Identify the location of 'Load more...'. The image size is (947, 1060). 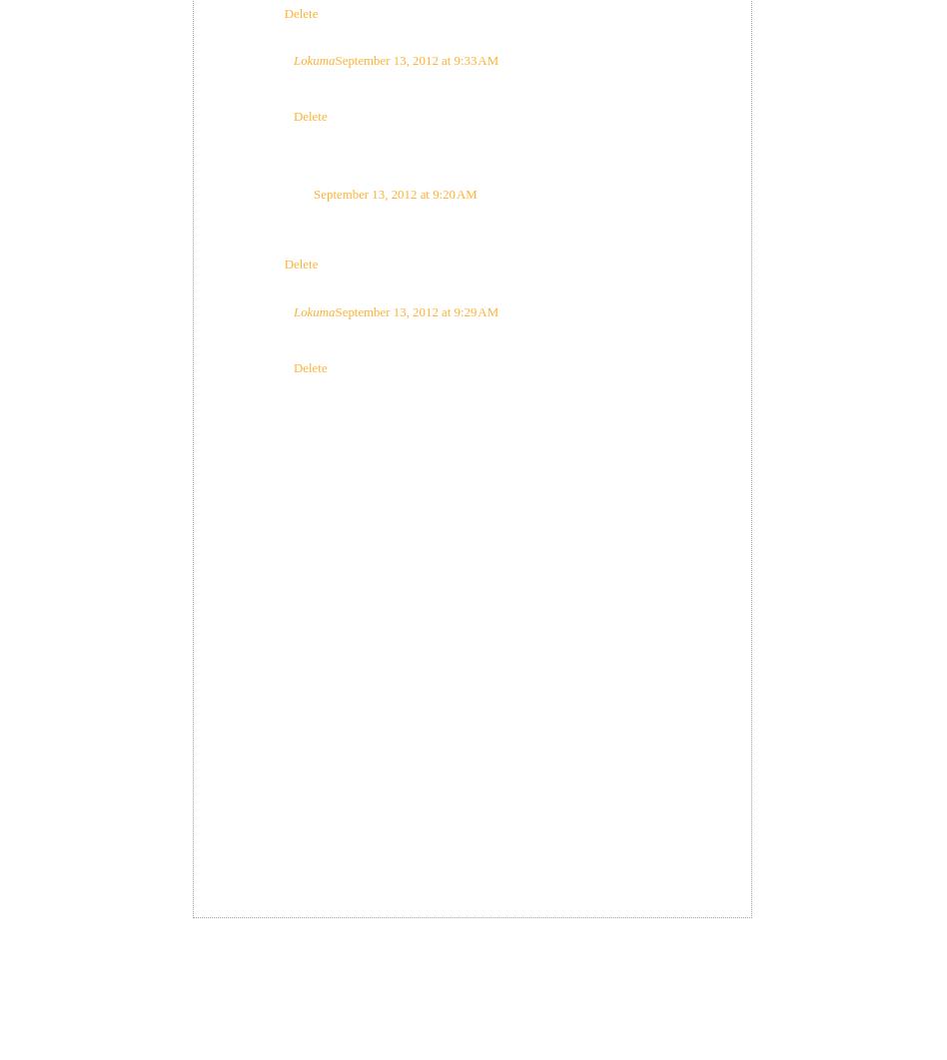
(246, 454).